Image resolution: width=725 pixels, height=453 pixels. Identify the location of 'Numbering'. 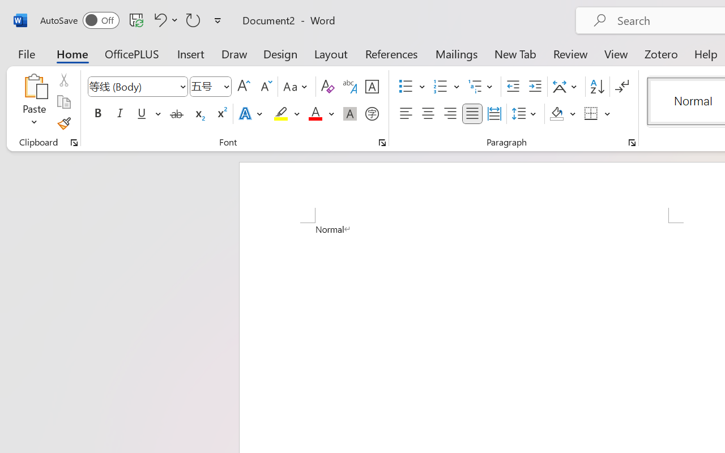
(446, 87).